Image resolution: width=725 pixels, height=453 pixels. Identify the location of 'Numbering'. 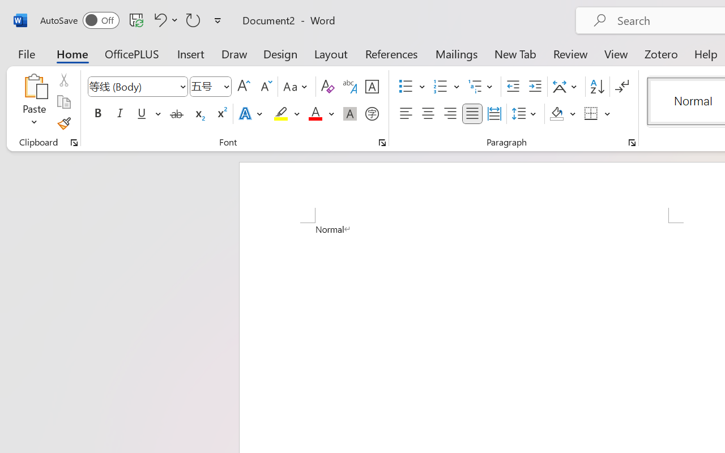
(446, 87).